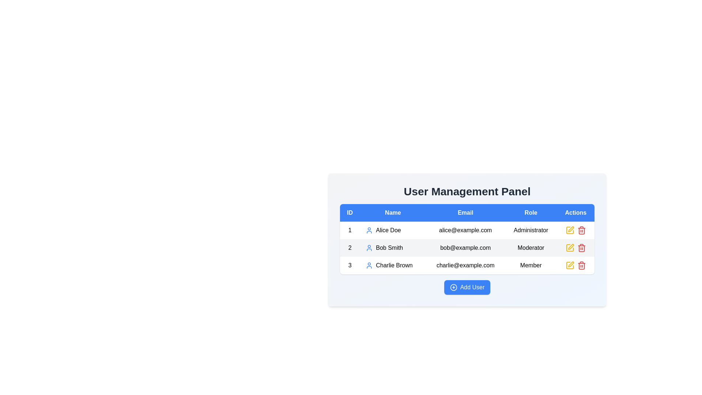 The height and width of the screenshot is (395, 702). What do you see at coordinates (392, 230) in the screenshot?
I see `the text element that identifies a user by name in the user management table, located in the second column of the first row, adjacent to ID '1' and email 'alice@example.com'` at bounding box center [392, 230].